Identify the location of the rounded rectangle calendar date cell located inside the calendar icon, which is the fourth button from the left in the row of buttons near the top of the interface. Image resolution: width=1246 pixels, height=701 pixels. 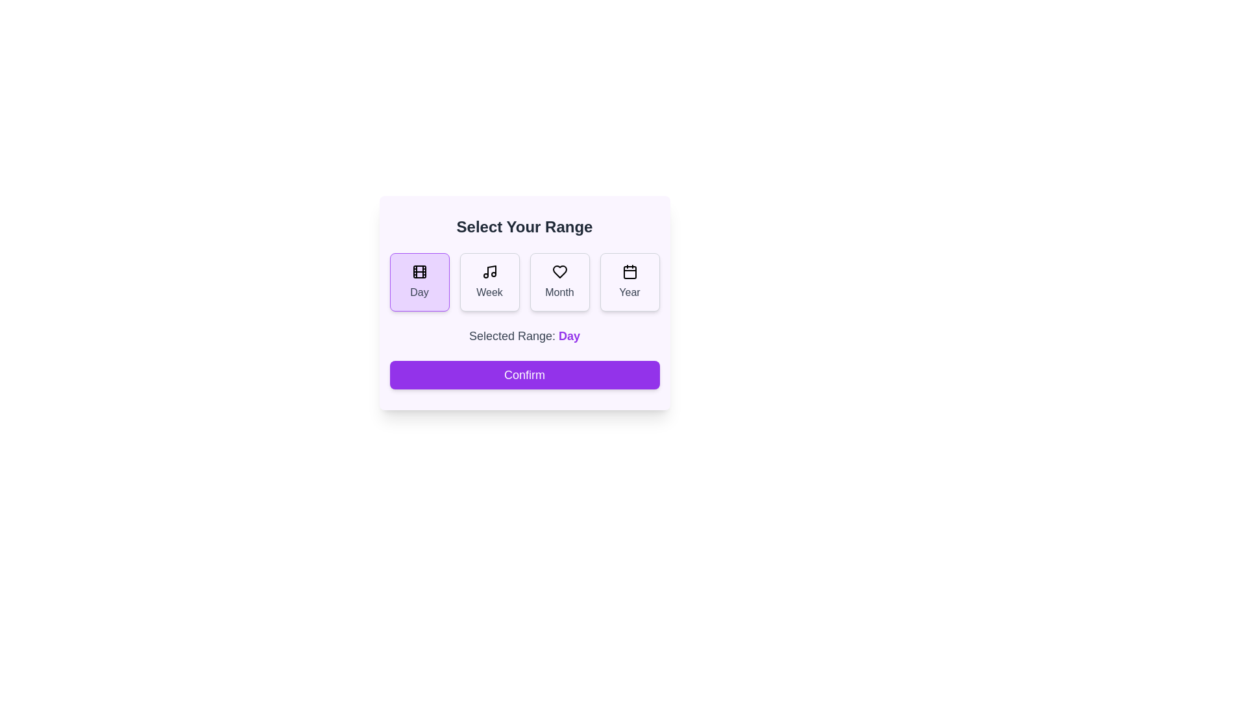
(629, 272).